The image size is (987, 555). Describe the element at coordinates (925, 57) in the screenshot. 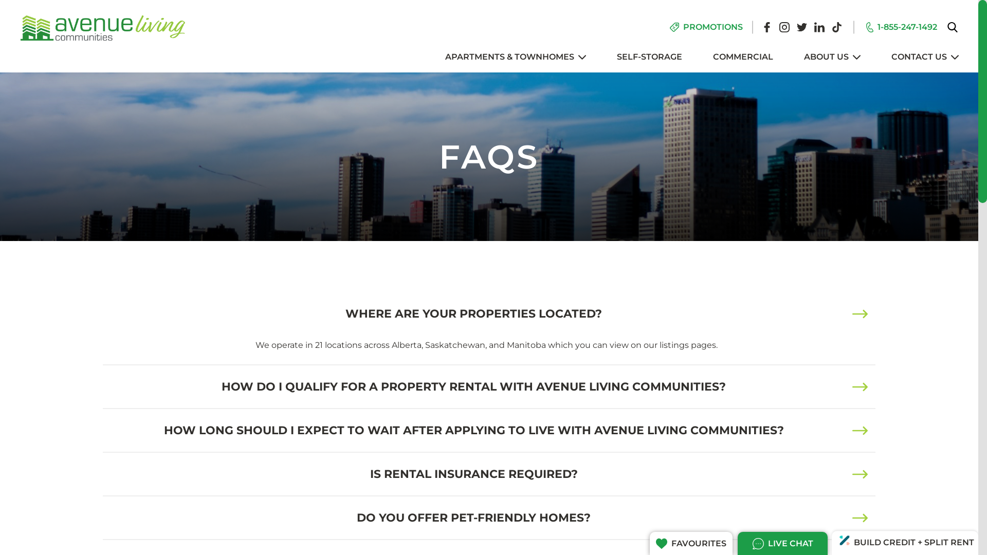

I see `'CONTACT US'` at that location.